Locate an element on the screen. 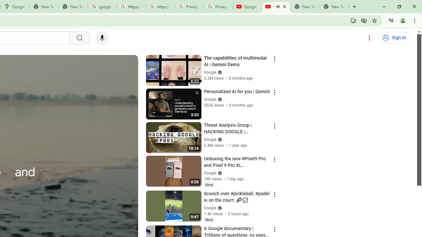  'https://scholar.google.com/' is located at coordinates (160, 7).